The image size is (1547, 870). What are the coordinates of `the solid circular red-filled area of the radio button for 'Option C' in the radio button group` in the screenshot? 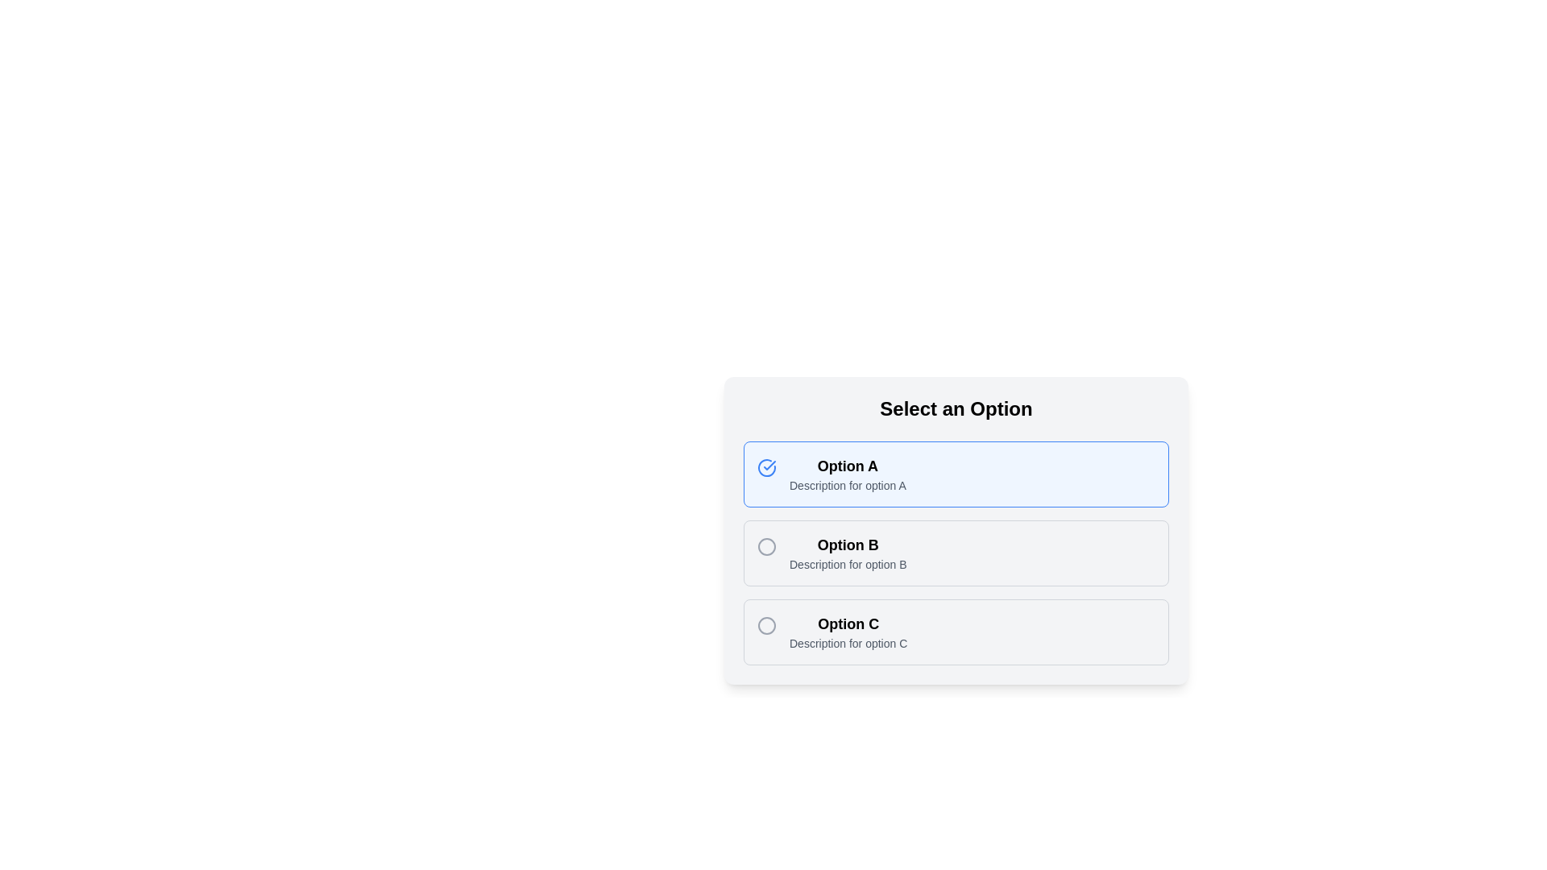 It's located at (765, 624).